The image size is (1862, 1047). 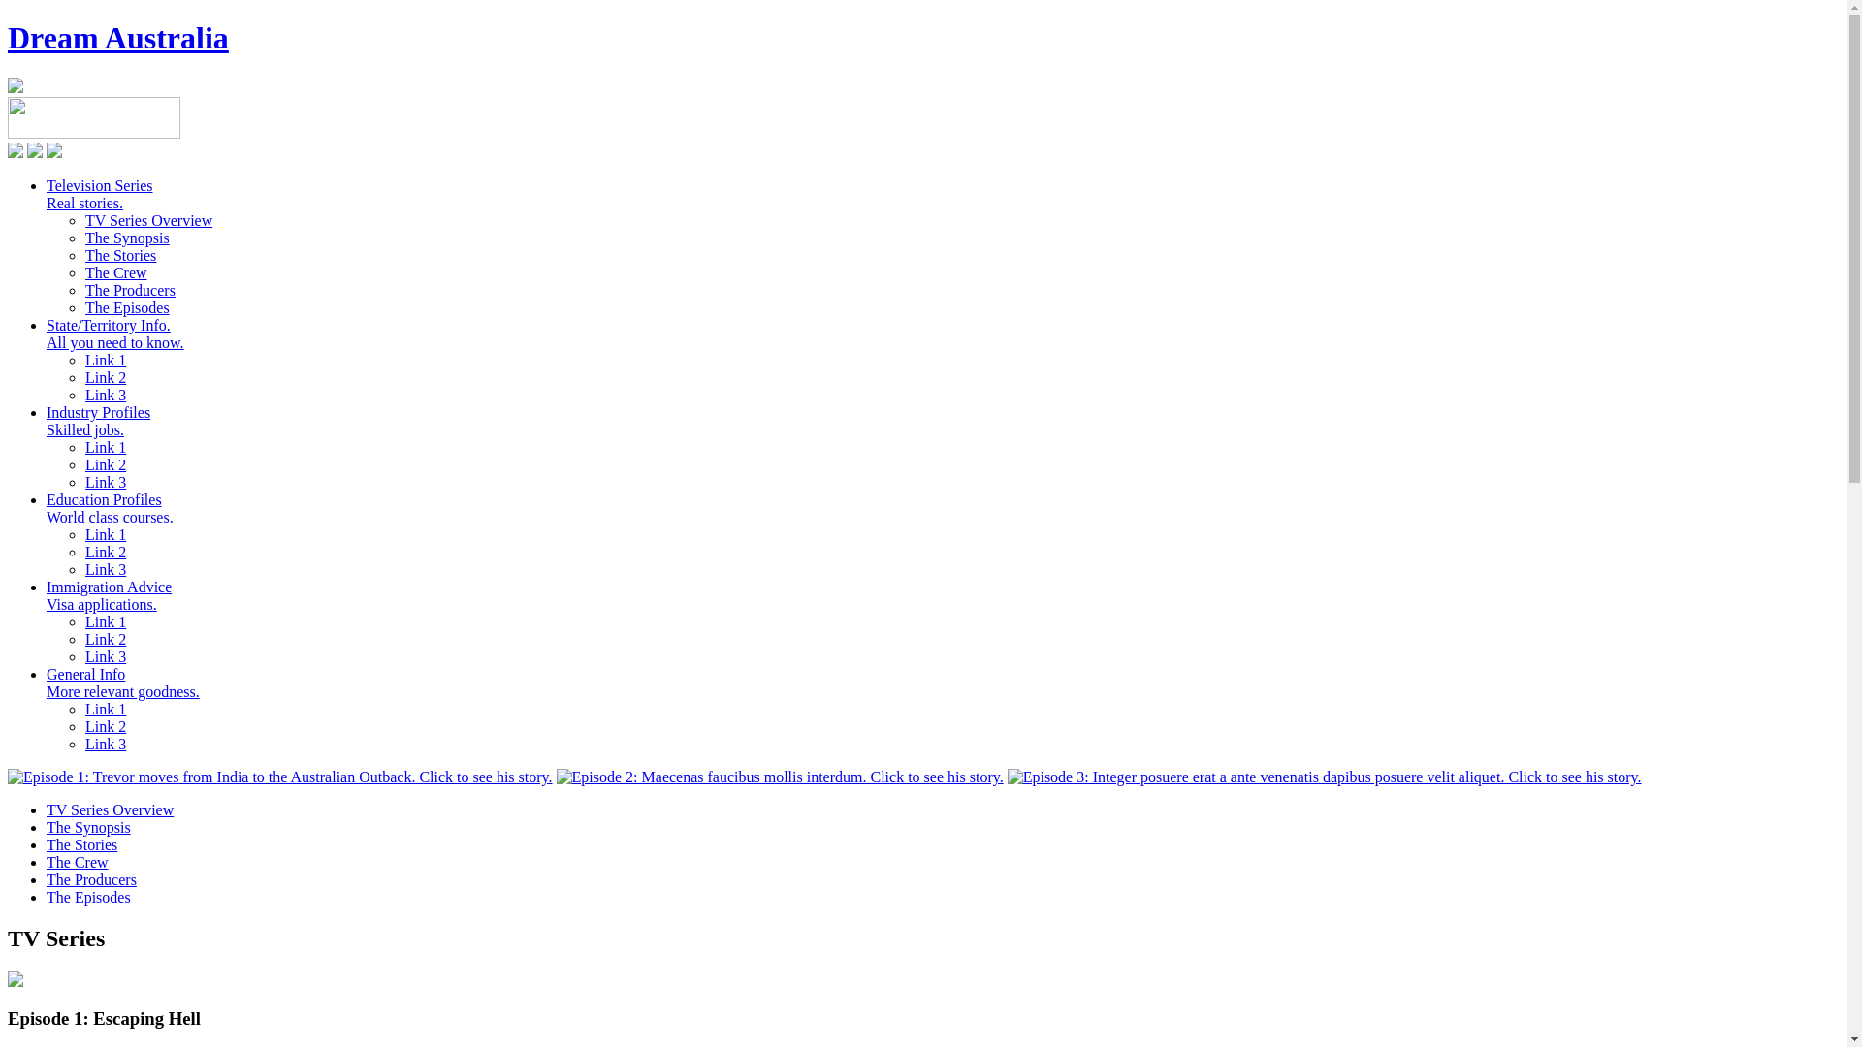 What do you see at coordinates (105, 394) in the screenshot?
I see `'Link 3'` at bounding box center [105, 394].